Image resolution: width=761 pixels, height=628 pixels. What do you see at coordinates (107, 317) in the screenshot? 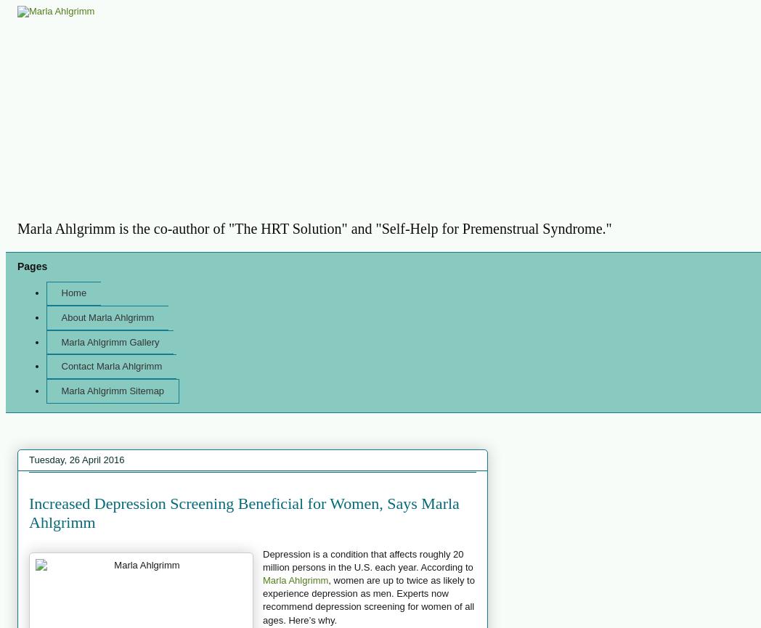
I see `'About Marla Ahlgrimm'` at bounding box center [107, 317].